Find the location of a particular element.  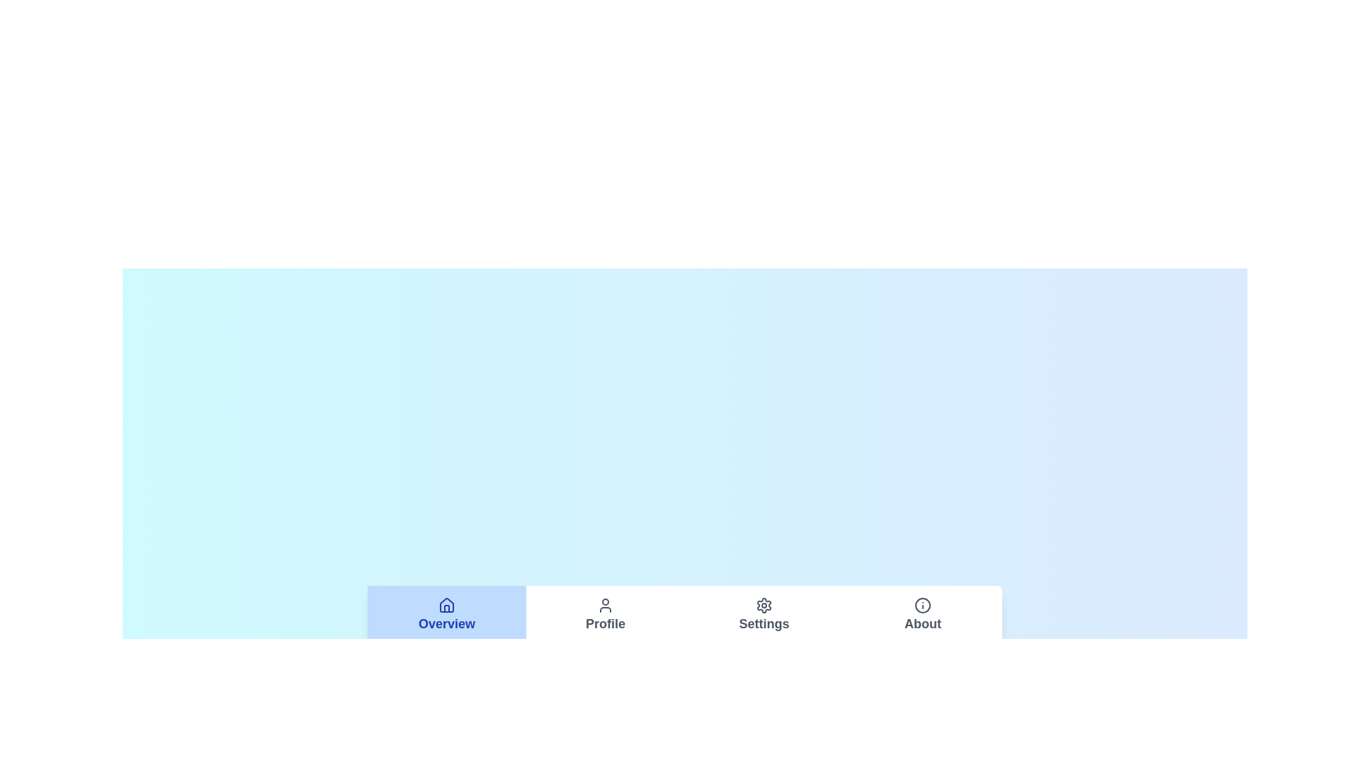

the Overview tab is located at coordinates (446, 614).